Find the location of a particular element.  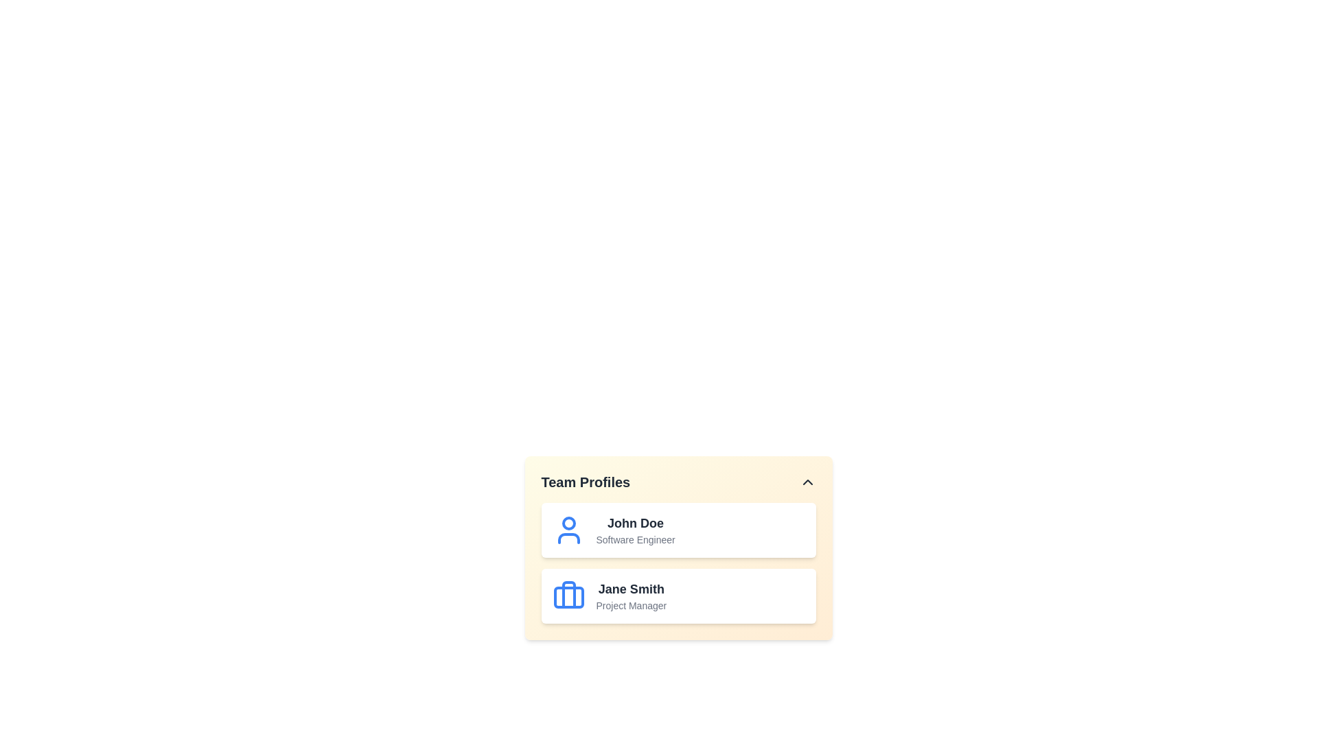

the text label 'John Doe' which is displayed in bold, dark gray font within the 'Team Profiles' section is located at coordinates (635, 524).